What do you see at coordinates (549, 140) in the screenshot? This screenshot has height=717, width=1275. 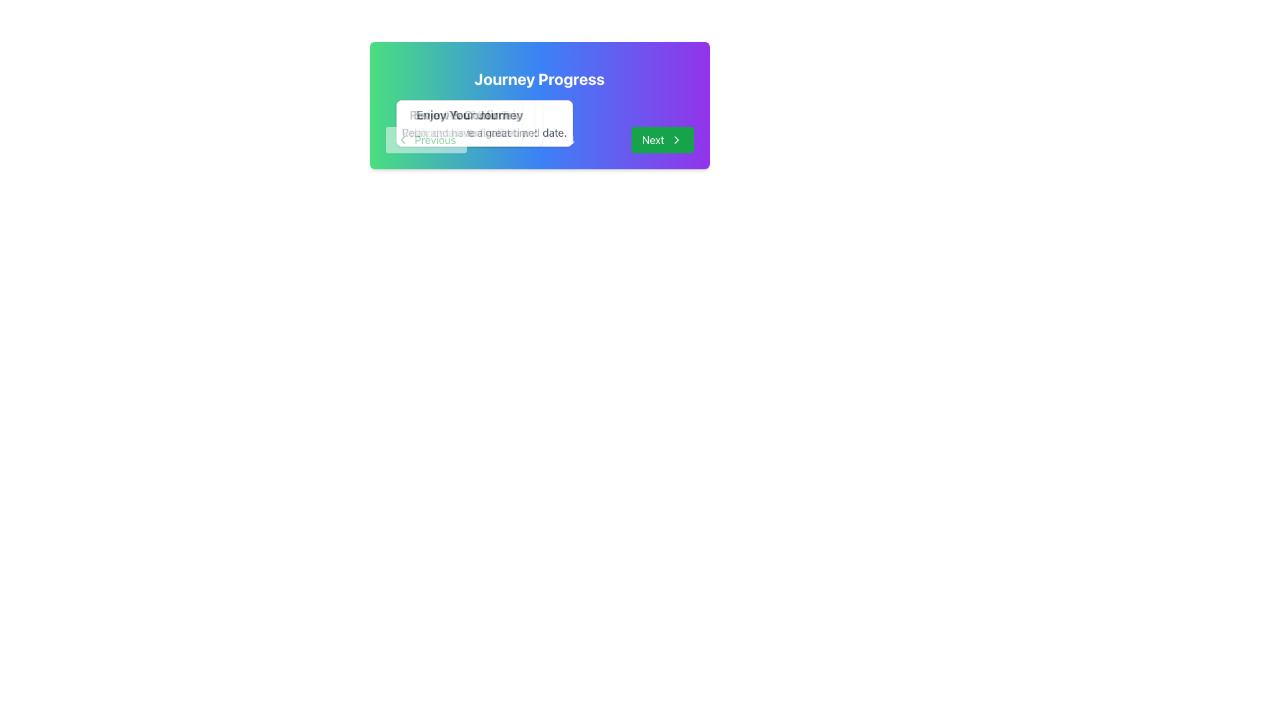 I see `the textual indicator displaying the current step number and total steps in the multi-step process, which is centered between the 'Previous' and 'Next' buttons` at bounding box center [549, 140].